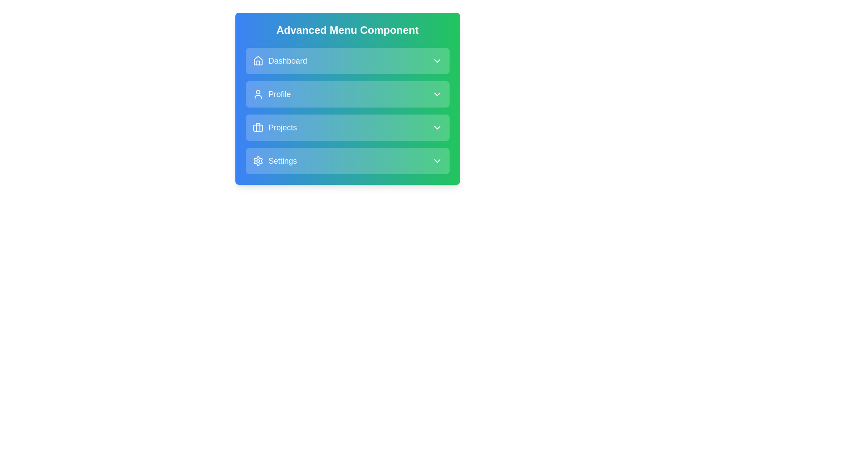  What do you see at coordinates (257, 60) in the screenshot?
I see `the 'Dashboard' icon located to the left of the 'Dashboard' text in the menu` at bounding box center [257, 60].